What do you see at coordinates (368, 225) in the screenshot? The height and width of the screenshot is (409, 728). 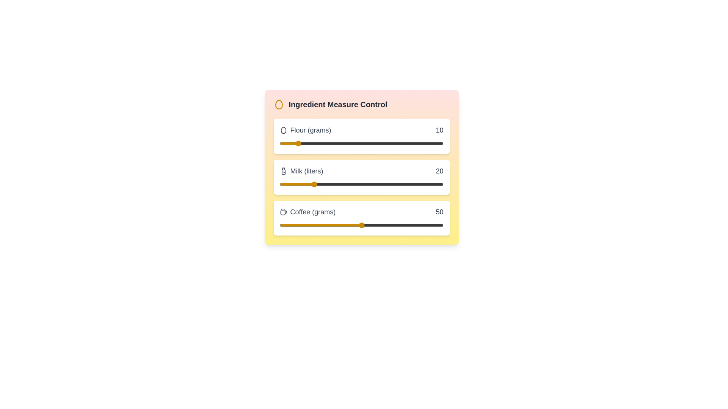 I see `the coffee amount slider` at bounding box center [368, 225].